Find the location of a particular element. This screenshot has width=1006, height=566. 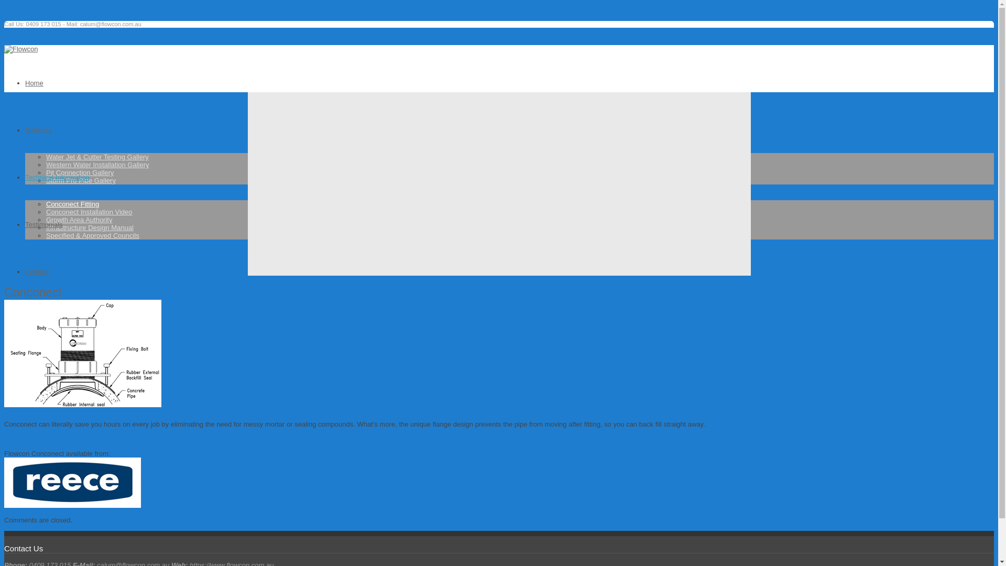

'Conconect Fitting' is located at coordinates (72, 204).